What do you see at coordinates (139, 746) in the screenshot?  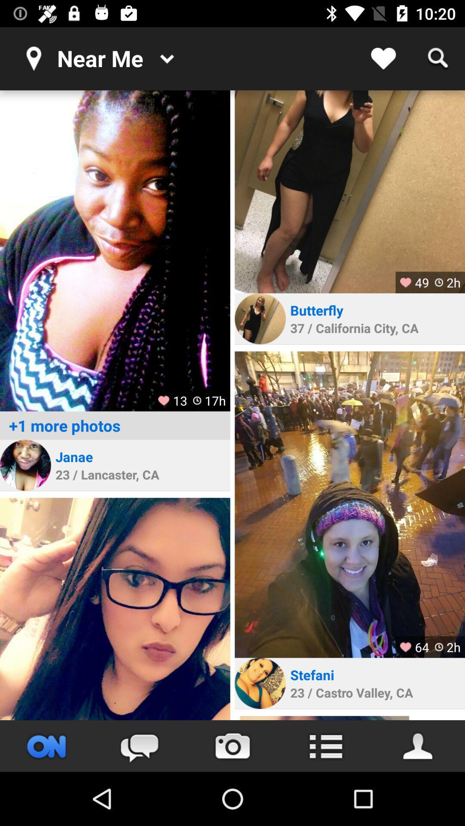 I see `send text` at bounding box center [139, 746].